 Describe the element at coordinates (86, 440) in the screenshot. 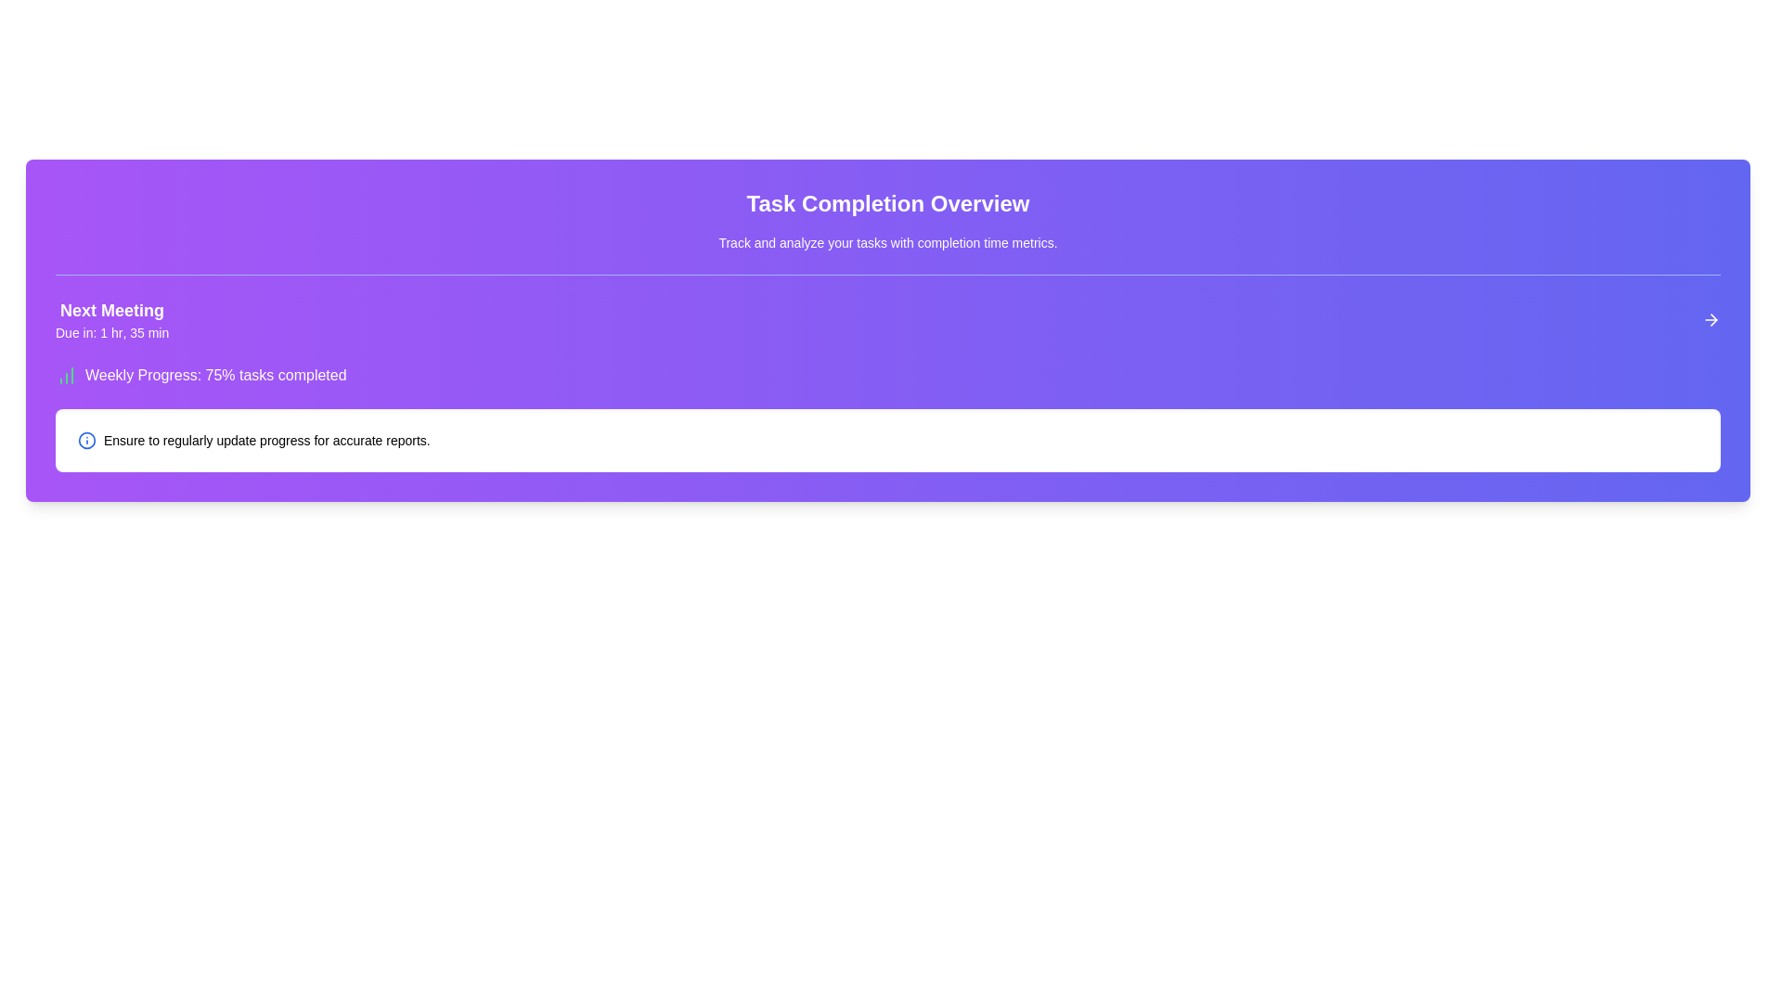

I see `the circular outline of the notification symbol, which is part of the informational icon located near the text for accurate report updates` at that location.